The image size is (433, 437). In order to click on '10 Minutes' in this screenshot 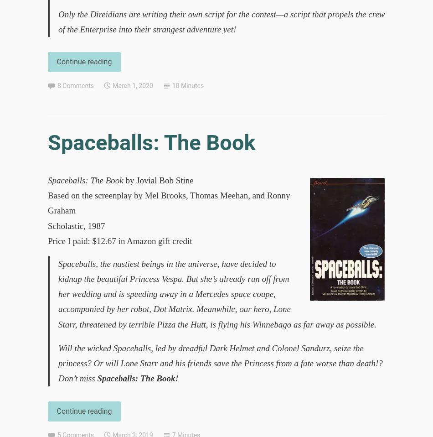, I will do `click(171, 85)`.